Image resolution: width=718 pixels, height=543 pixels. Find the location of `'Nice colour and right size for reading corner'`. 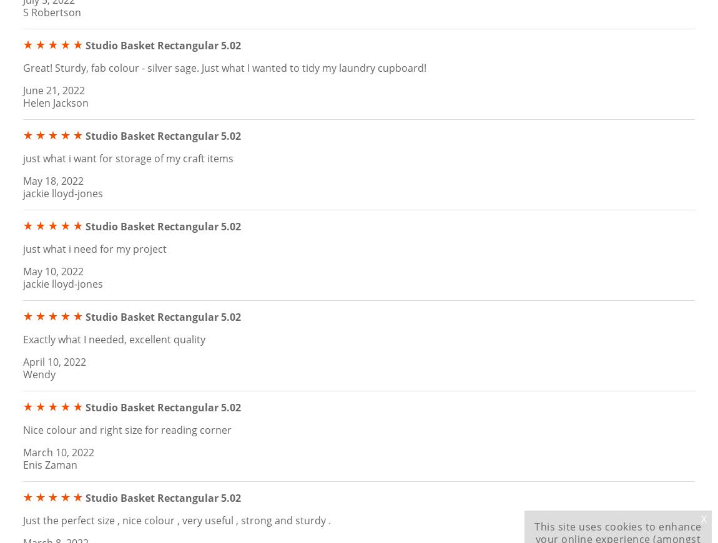

'Nice colour and right size for reading corner' is located at coordinates (127, 429).